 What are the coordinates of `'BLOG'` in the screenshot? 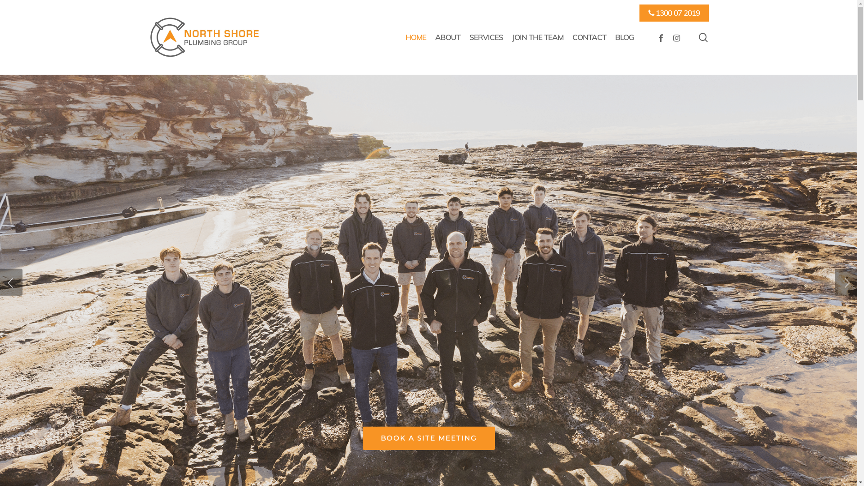 It's located at (624, 37).